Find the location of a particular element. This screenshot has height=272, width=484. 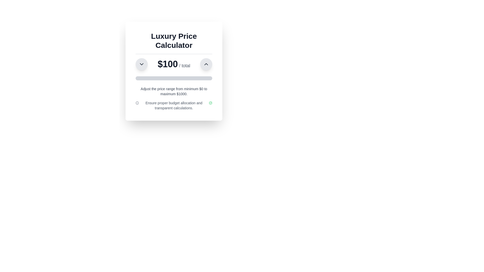

the decorative icon in the bottom-right corner of the circular button located to the left of the displayed numerical value '$100 / total' is located at coordinates (141, 64).